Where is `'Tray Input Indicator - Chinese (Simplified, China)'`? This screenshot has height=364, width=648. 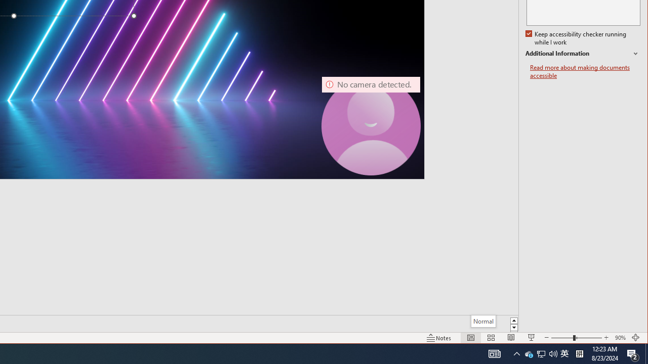 'Tray Input Indicator - Chinese (Simplified, China)' is located at coordinates (579, 353).